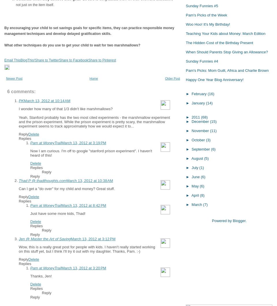 The image size is (277, 306). I want to click on '(15)', so click(213, 121).